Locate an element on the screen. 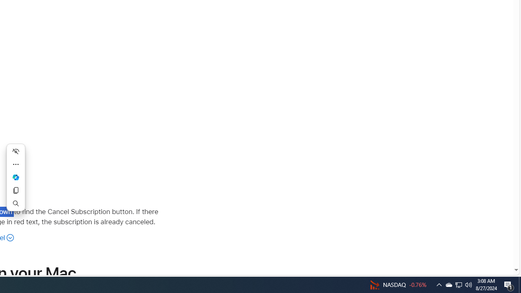  'Ask Copilot' is located at coordinates (16, 177).